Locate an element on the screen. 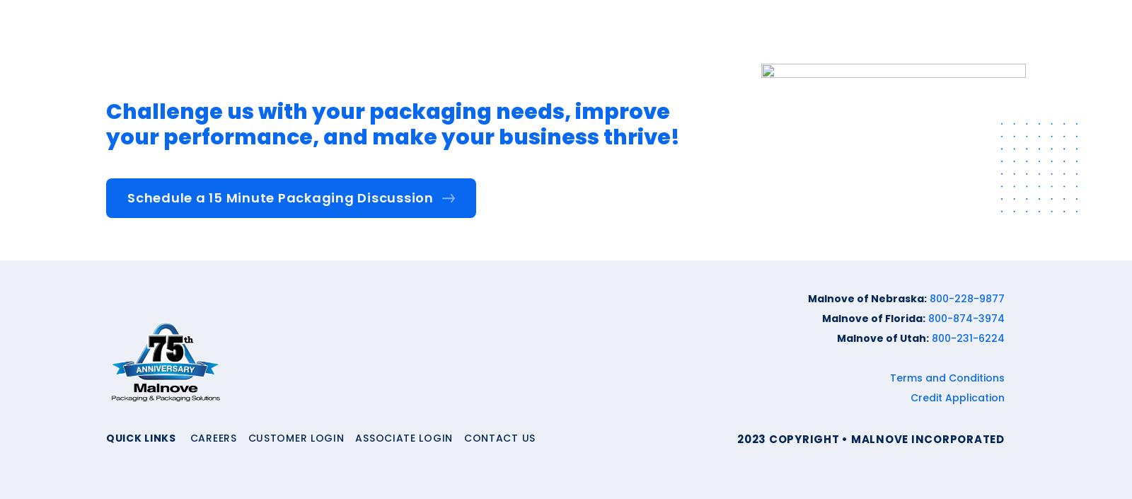 The image size is (1132, 499). 'CUSTOMER LOGIN' is located at coordinates (294, 437).